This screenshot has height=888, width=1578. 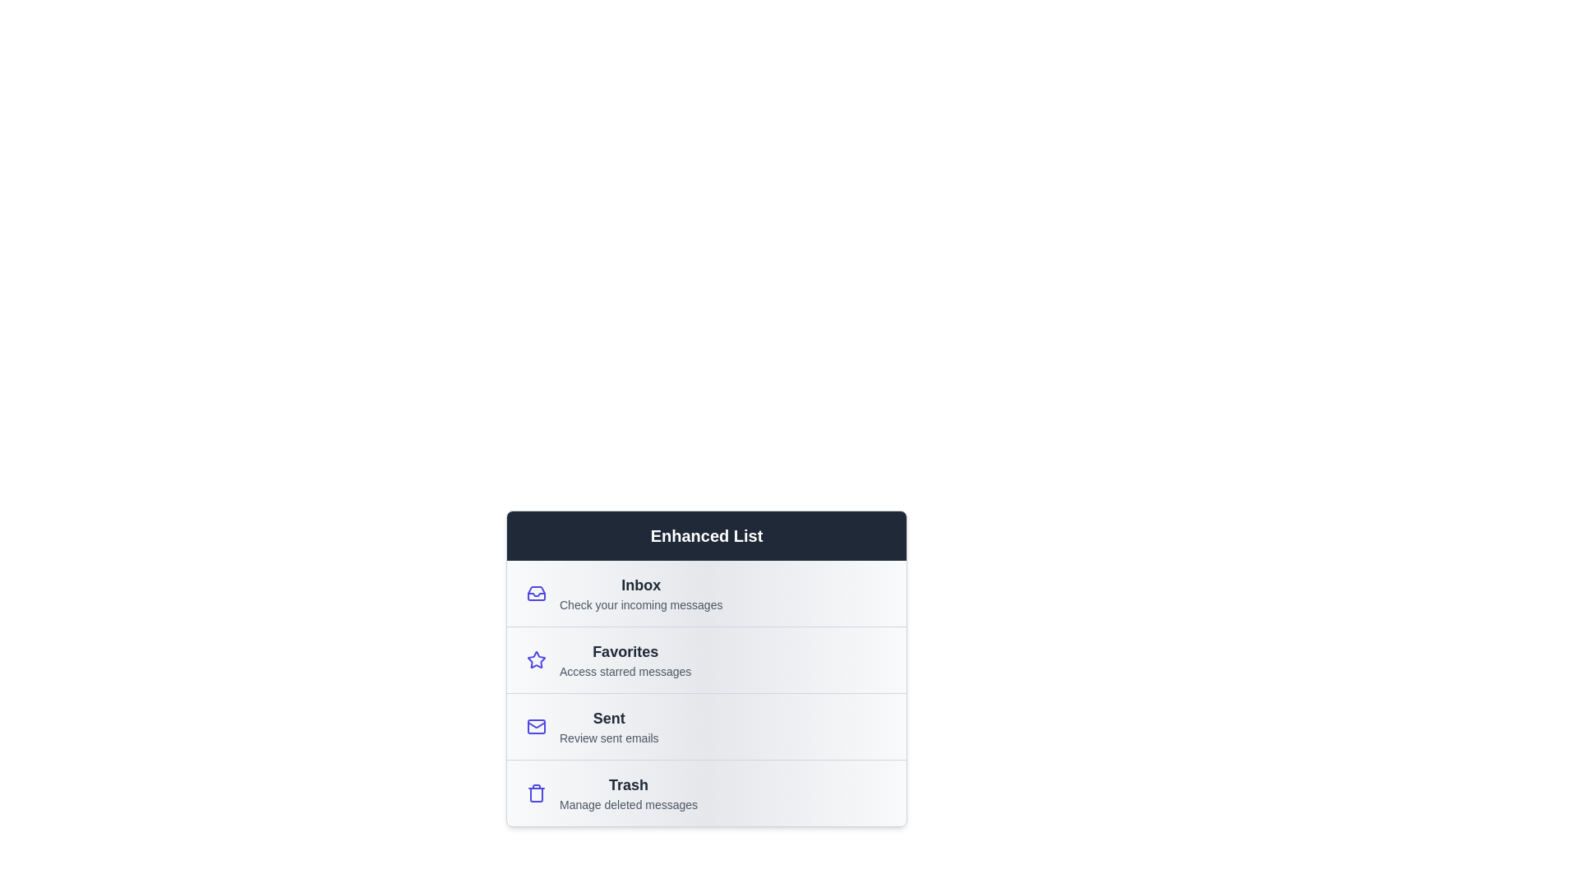 I want to click on the fourth navigation menu item labeled 'Manage Deleted Messages' in the 'Enhanced List' settings menu, so click(x=628, y=792).